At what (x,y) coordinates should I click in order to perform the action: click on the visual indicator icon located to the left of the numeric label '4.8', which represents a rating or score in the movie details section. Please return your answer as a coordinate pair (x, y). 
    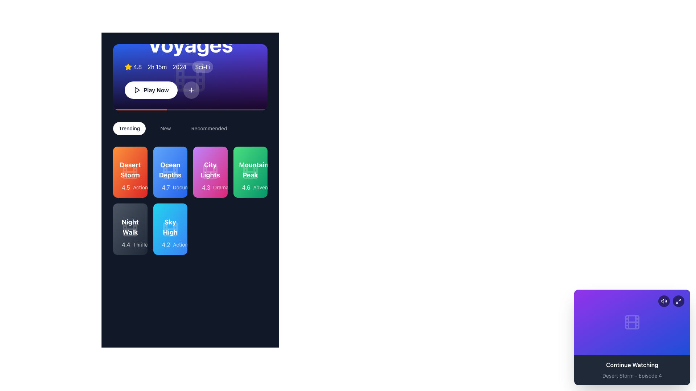
    Looking at the image, I should click on (128, 67).